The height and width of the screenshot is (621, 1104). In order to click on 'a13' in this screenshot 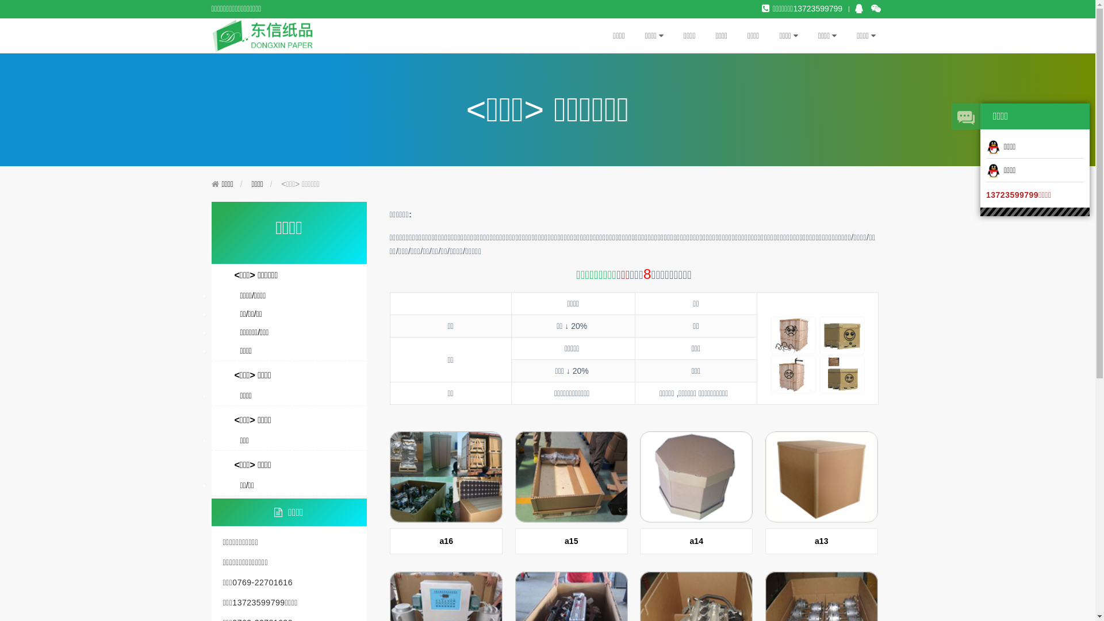, I will do `click(821, 494)`.